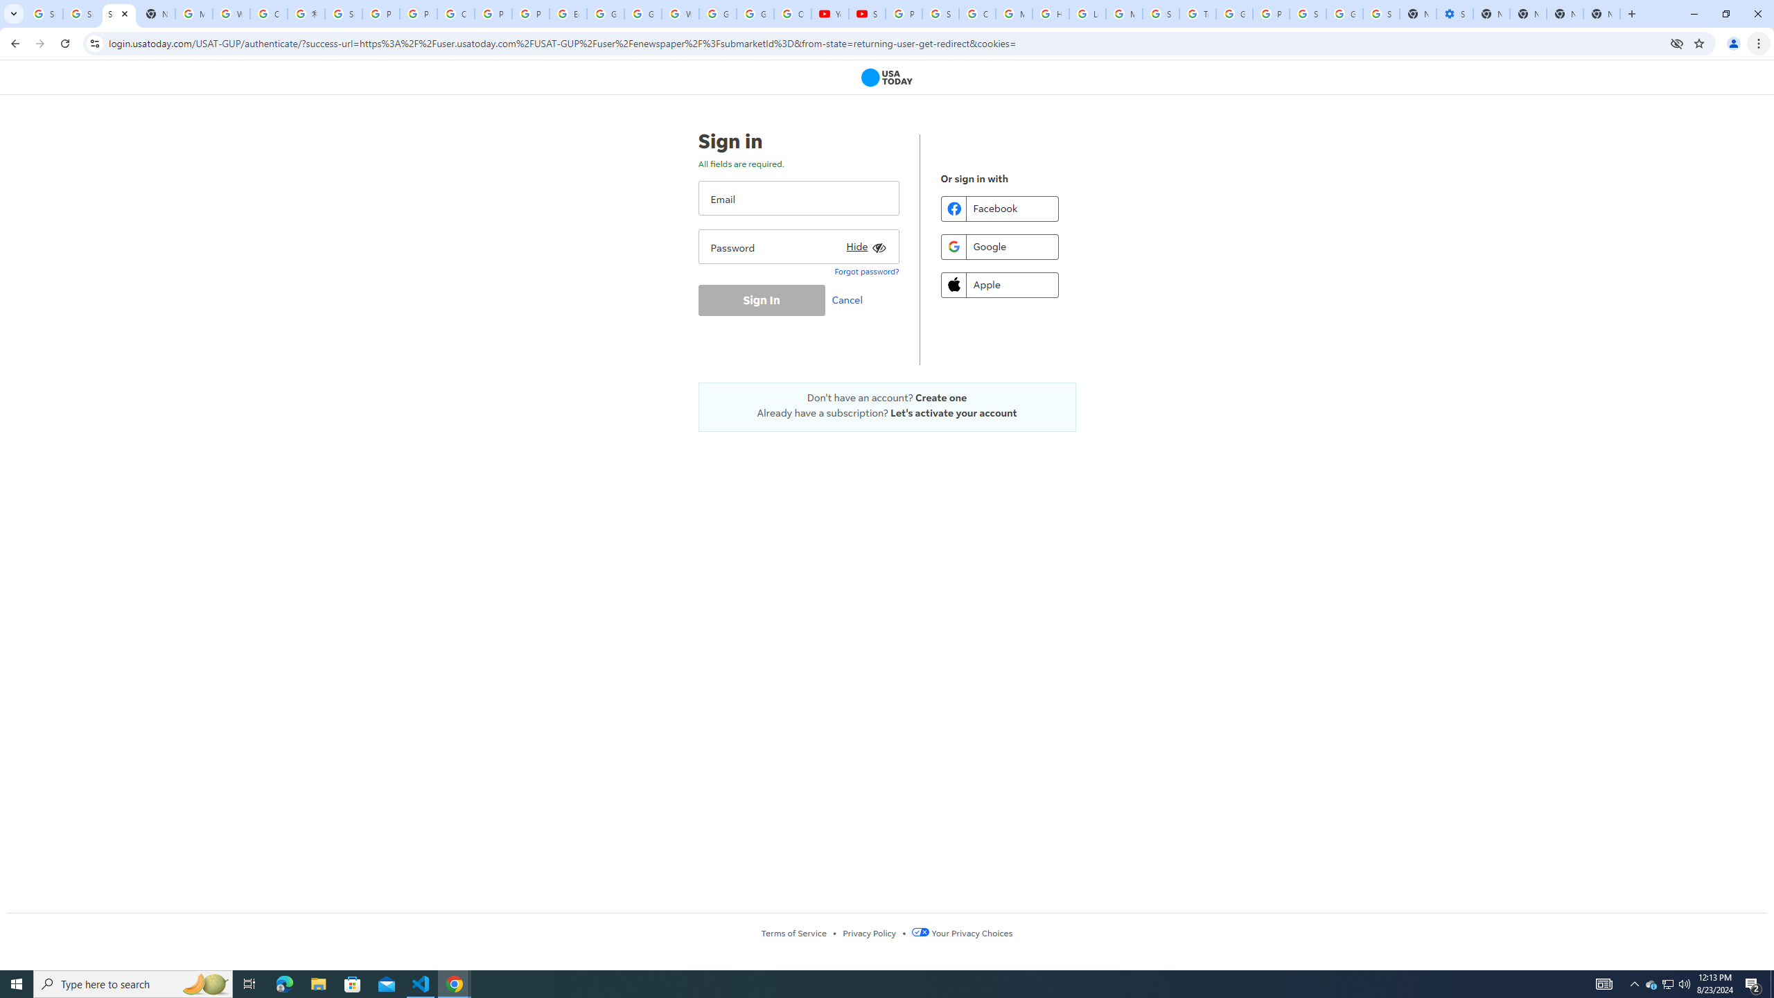 The height and width of the screenshot is (998, 1774). I want to click on 'Settings - Performance', so click(1455, 13).